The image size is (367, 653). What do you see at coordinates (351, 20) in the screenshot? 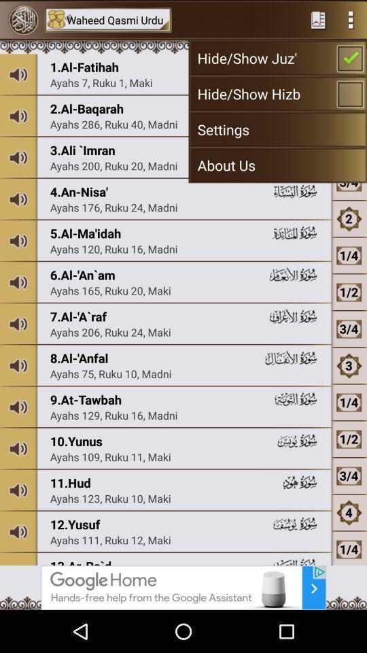
I see `the more icon` at bounding box center [351, 20].